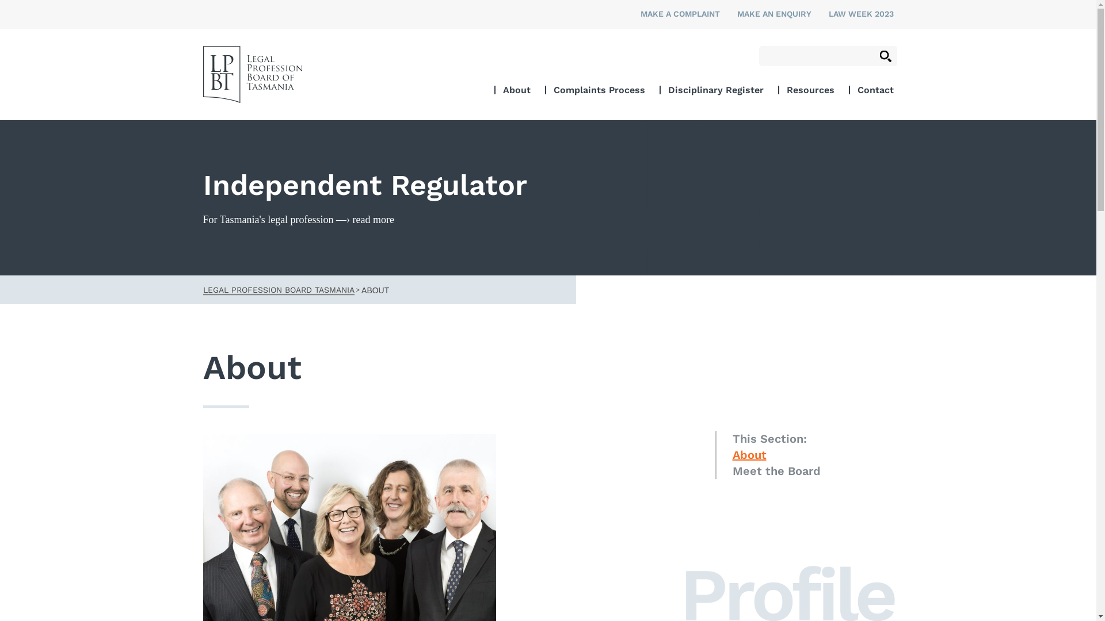 Image resolution: width=1105 pixels, height=621 pixels. What do you see at coordinates (599, 89) in the screenshot?
I see `'Complaints Process'` at bounding box center [599, 89].